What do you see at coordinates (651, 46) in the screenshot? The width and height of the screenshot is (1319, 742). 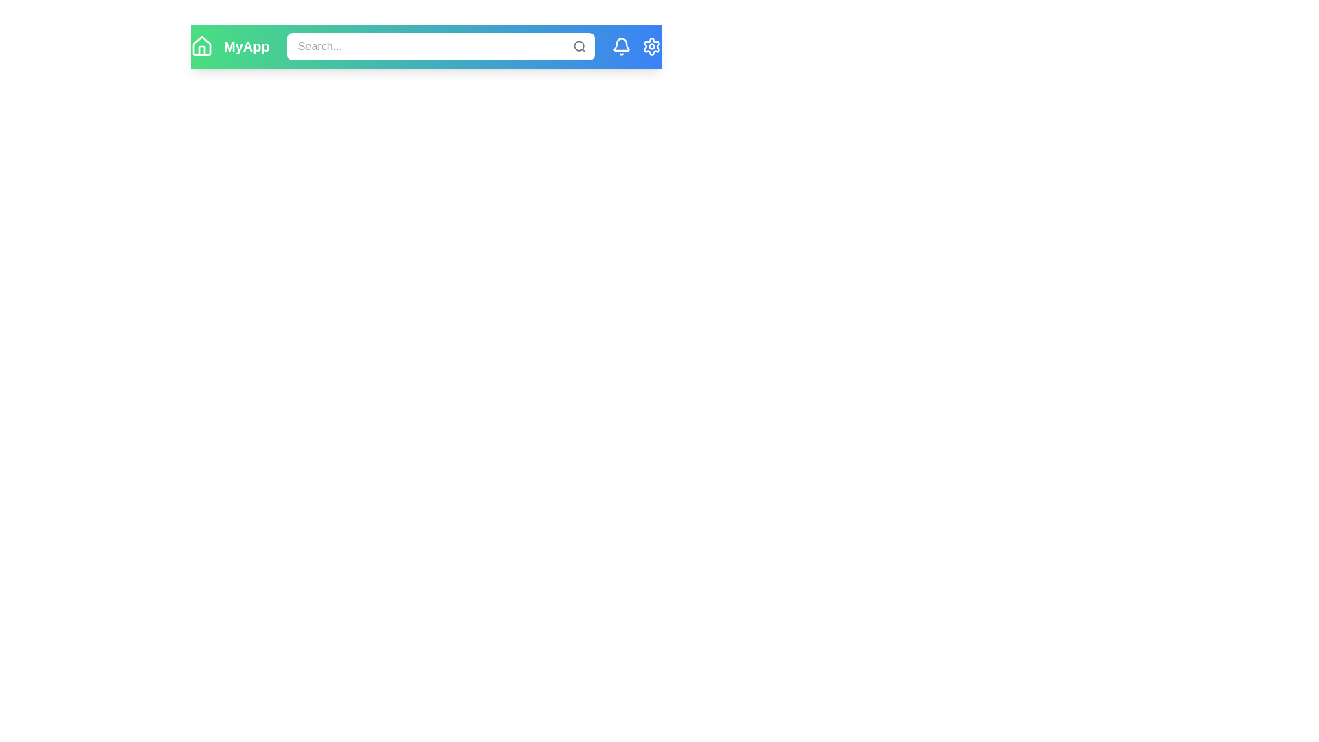 I see `the Settings icon in the app bar` at bounding box center [651, 46].